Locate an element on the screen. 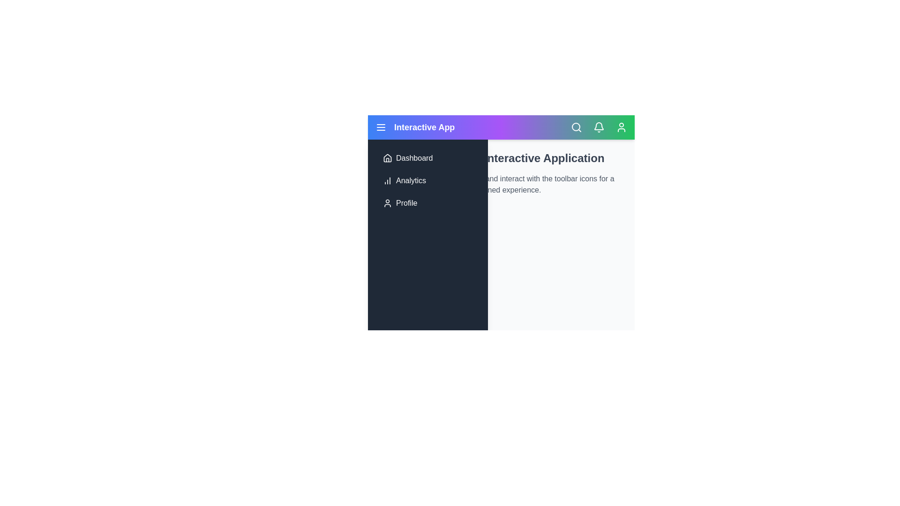  the toolbar icon Bell is located at coordinates (598, 127).